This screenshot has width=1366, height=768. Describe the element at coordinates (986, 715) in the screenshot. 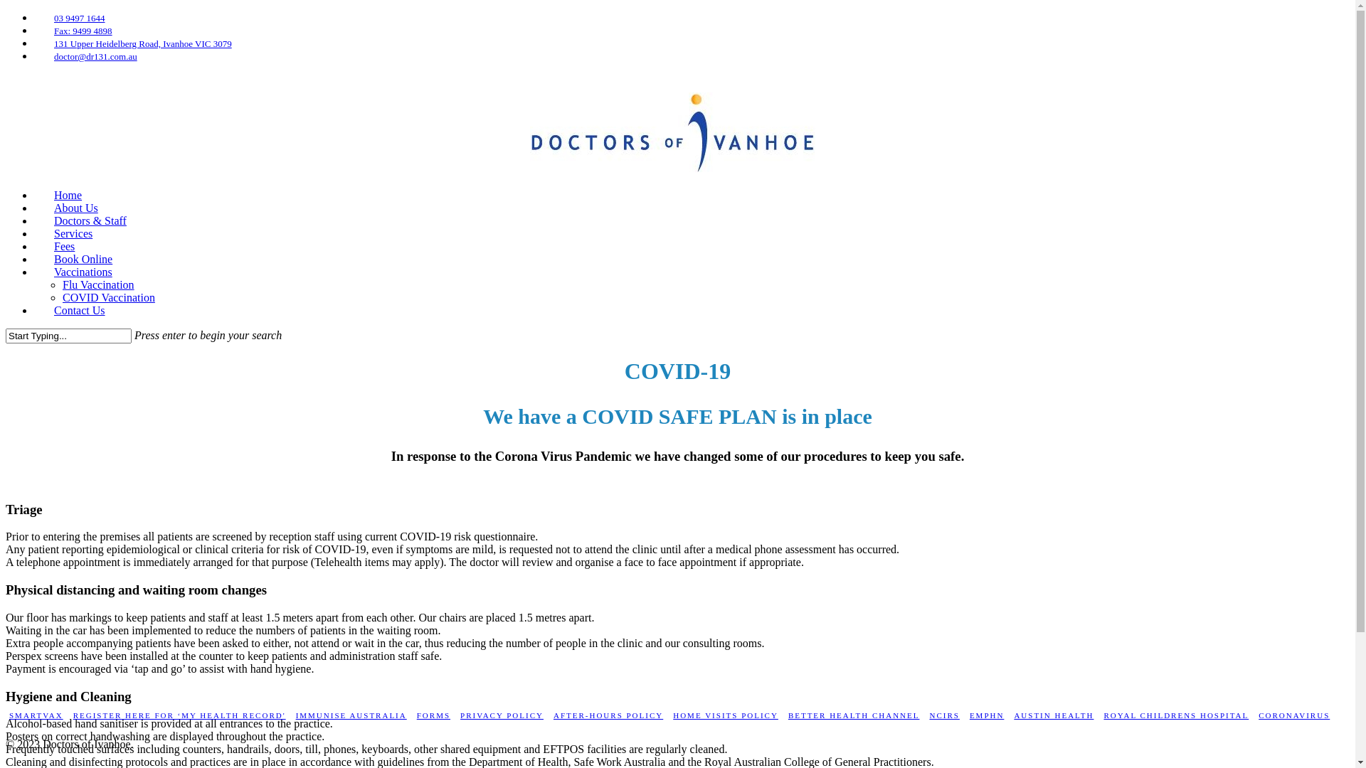

I see `'EMPHN'` at that location.